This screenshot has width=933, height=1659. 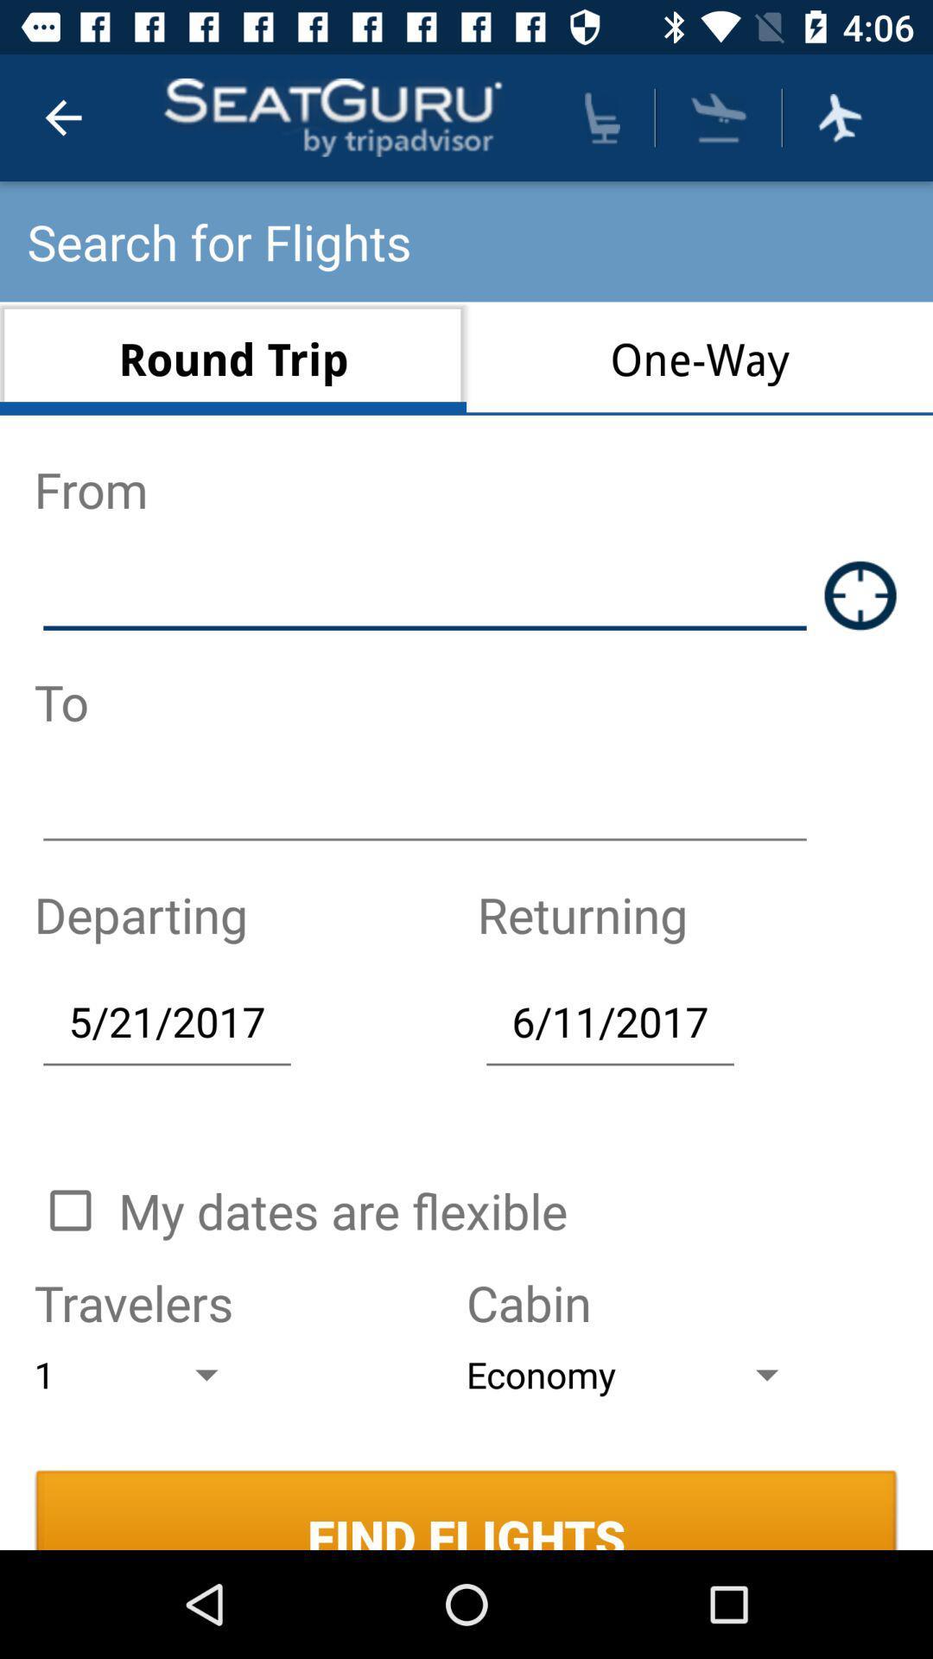 I want to click on check-box, so click(x=69, y=1210).